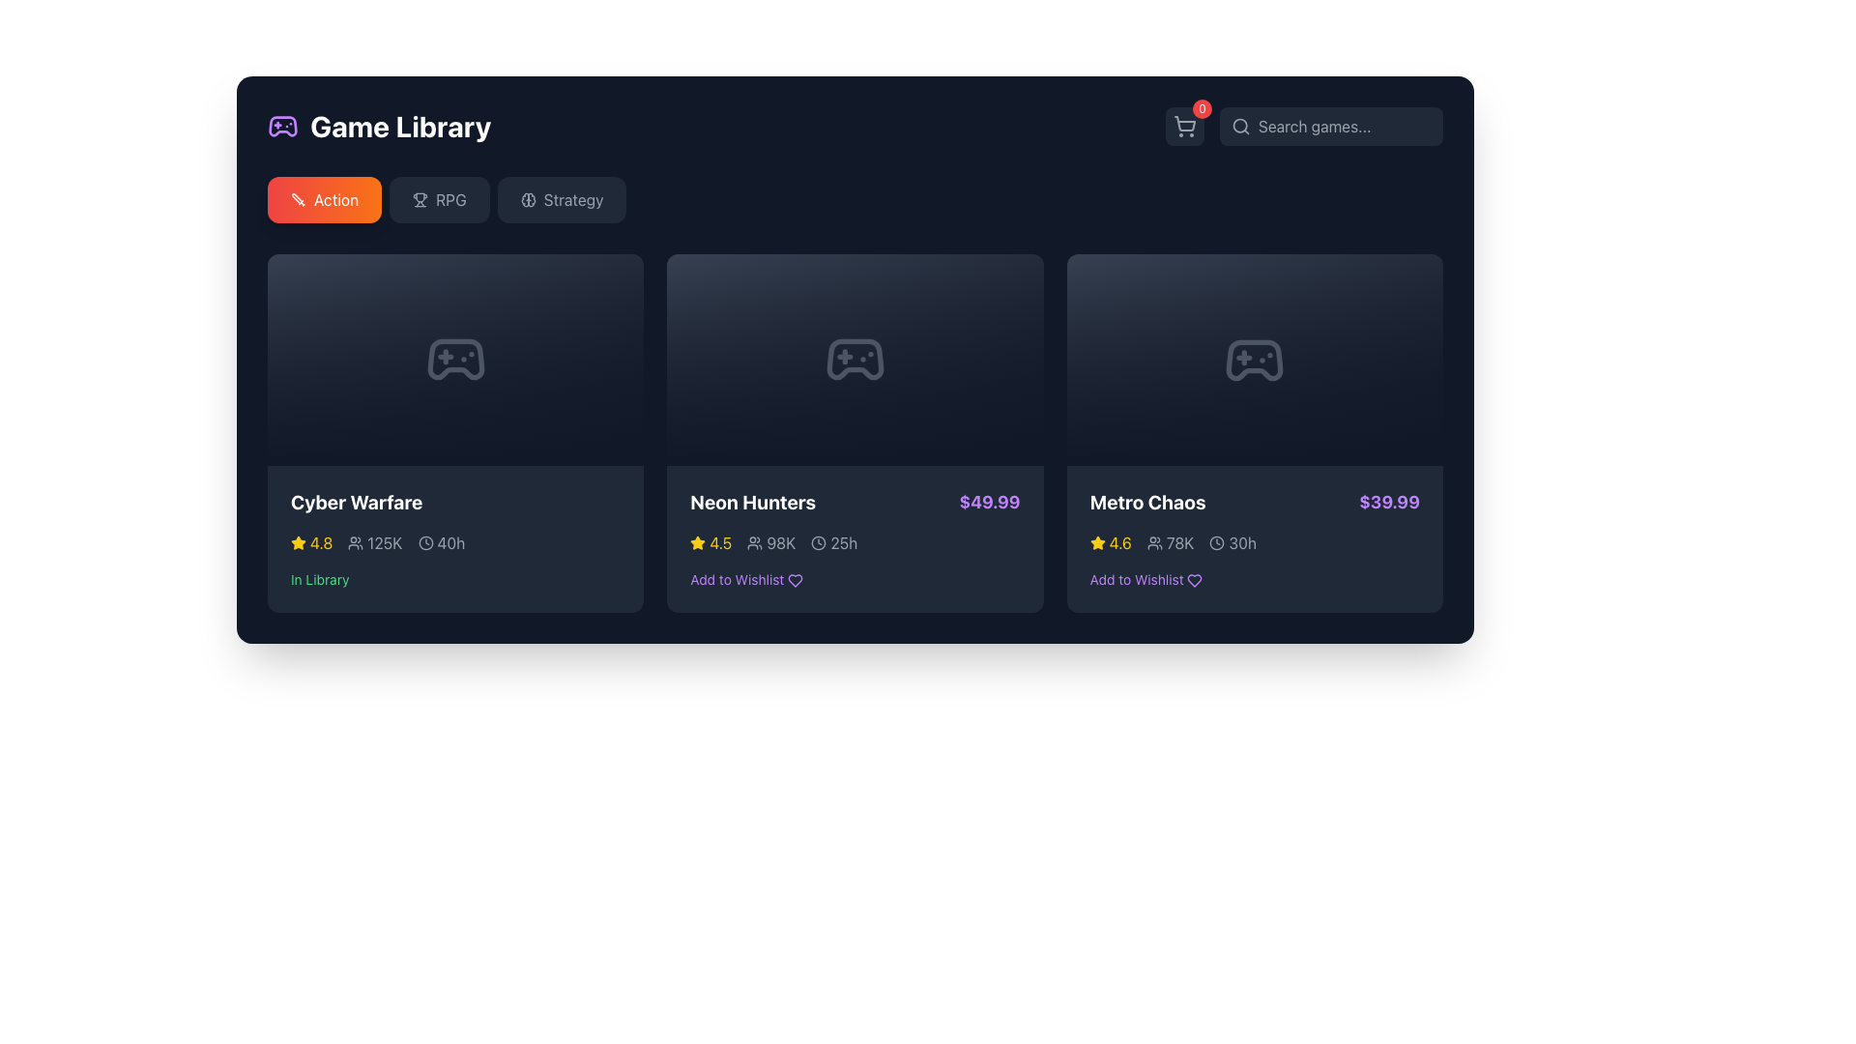  Describe the element at coordinates (781, 543) in the screenshot. I see `the static text displaying '98K', which is styled in light gray and positioned to the right of a small people icon` at that location.